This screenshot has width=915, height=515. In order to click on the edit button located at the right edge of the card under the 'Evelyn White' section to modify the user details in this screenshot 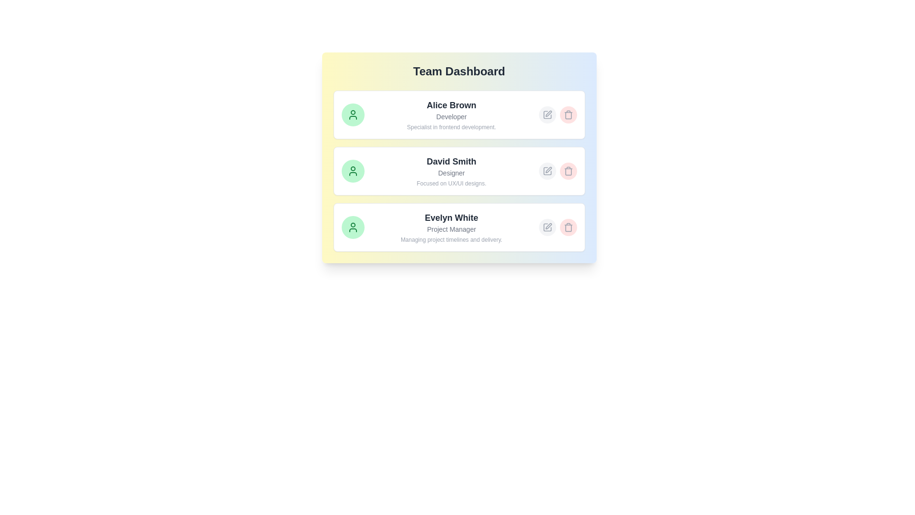, I will do `click(558, 227)`.